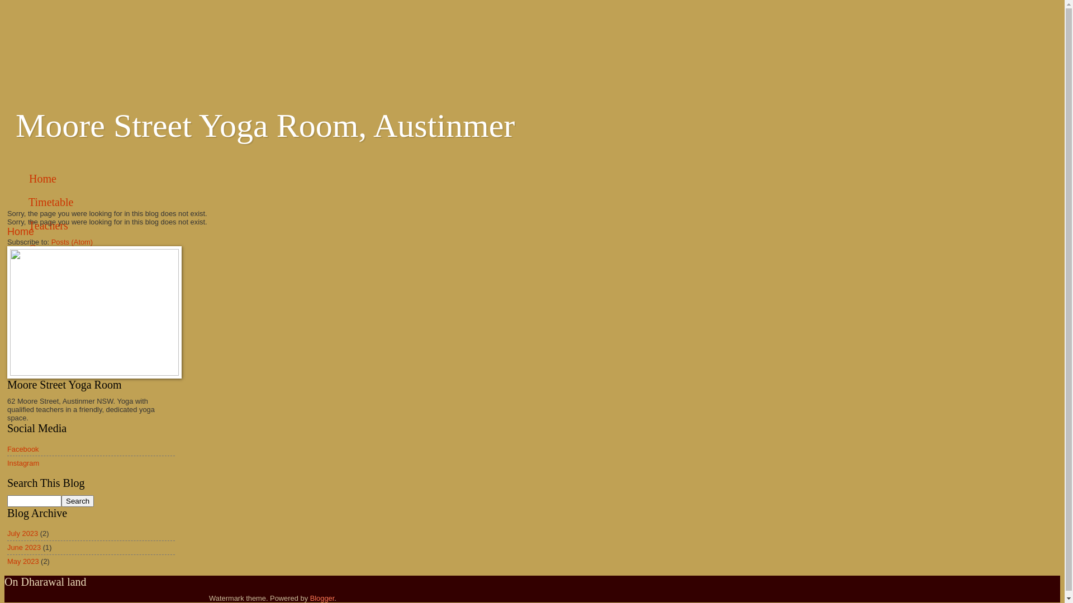 The image size is (1073, 603). I want to click on 'Facebook', so click(23, 448).